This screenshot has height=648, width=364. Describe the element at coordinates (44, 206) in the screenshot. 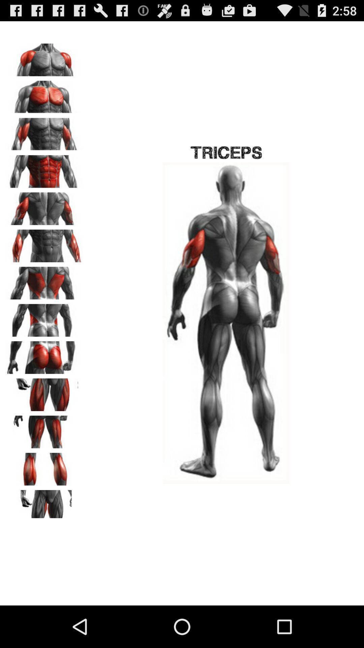

I see `image that can change the view of the main image on the right` at that location.